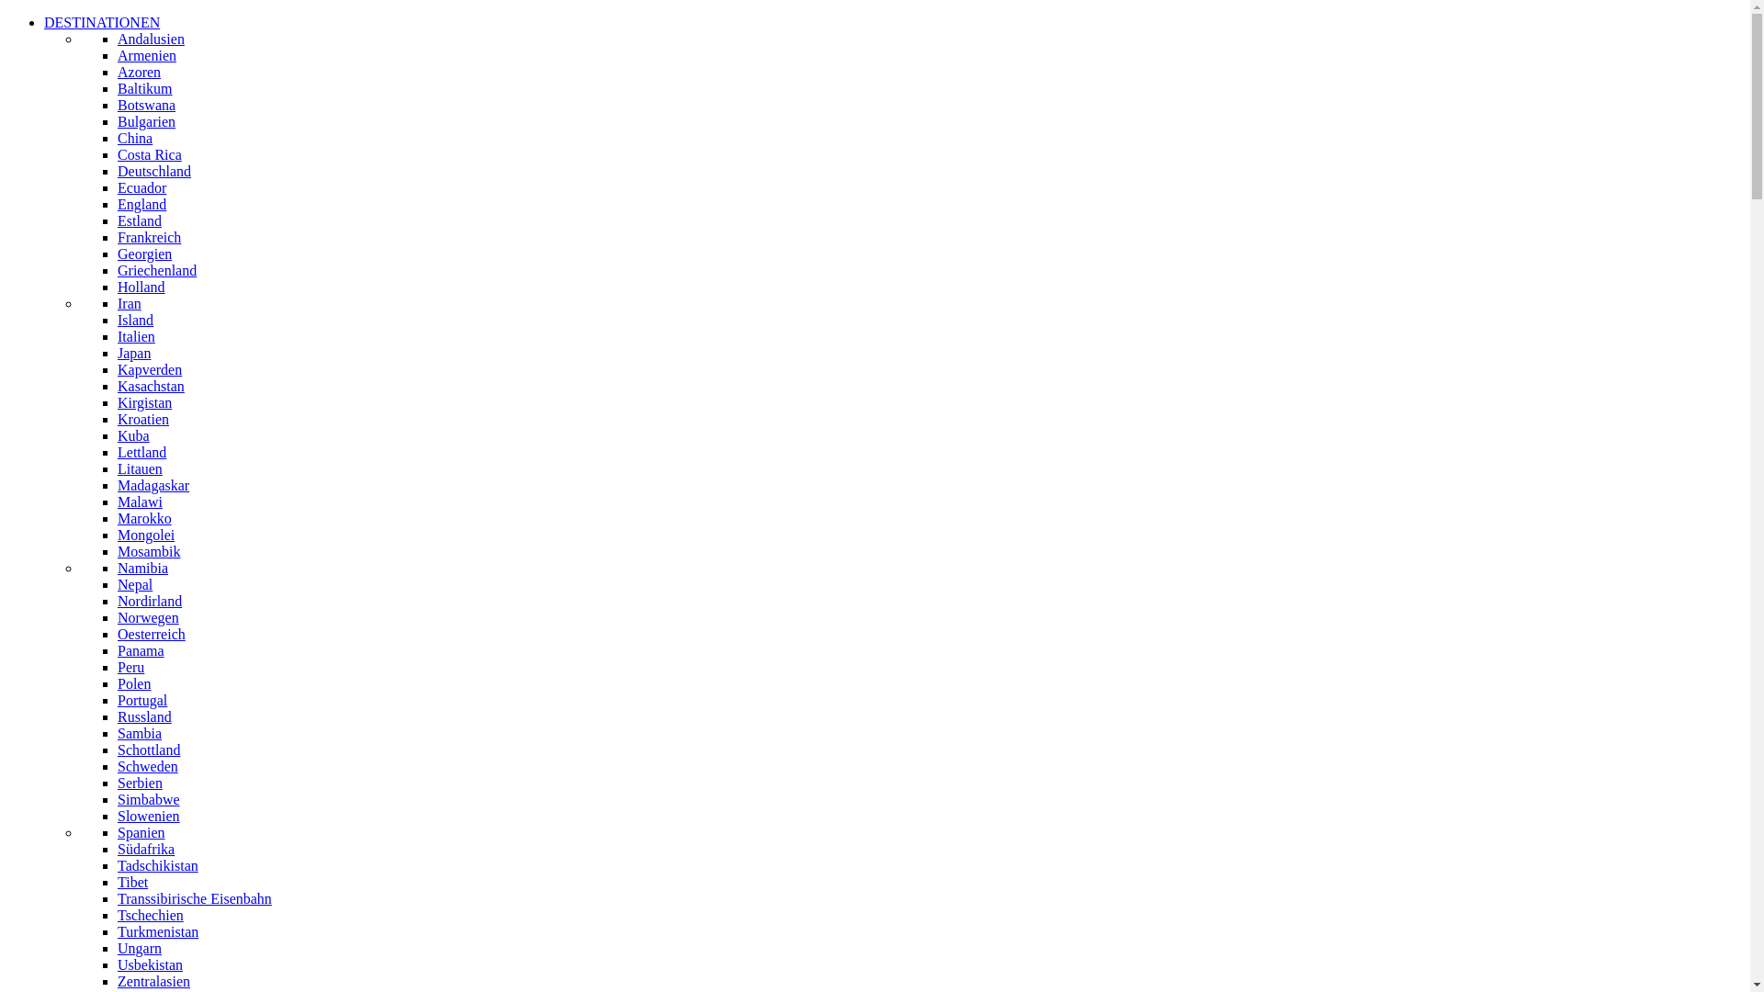  I want to click on 'Azoren', so click(138, 71).